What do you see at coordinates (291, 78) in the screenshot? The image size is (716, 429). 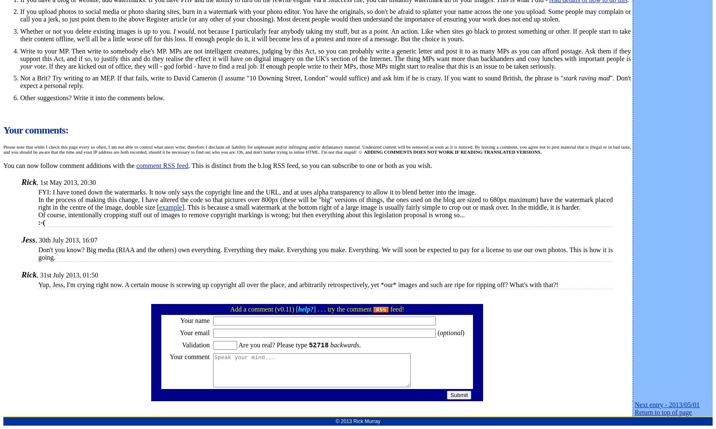 I see `'Not a Brit? Try writing to an MEP. If that fails, write to David Cameron (I assume "10 Downing Street, London" would suffice) and ask him if he is crazy. If you want to sound British, the phrase is "'` at bounding box center [291, 78].